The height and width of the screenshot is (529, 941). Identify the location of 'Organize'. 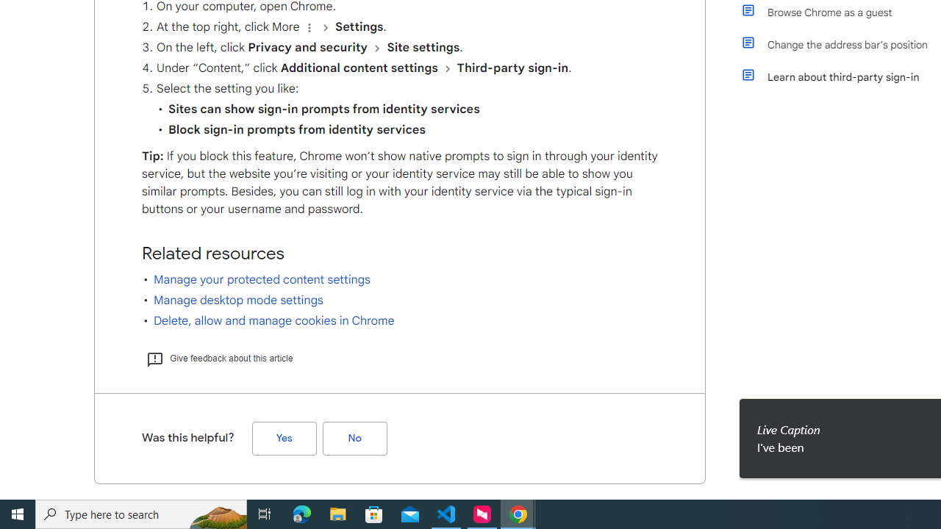
(308, 27).